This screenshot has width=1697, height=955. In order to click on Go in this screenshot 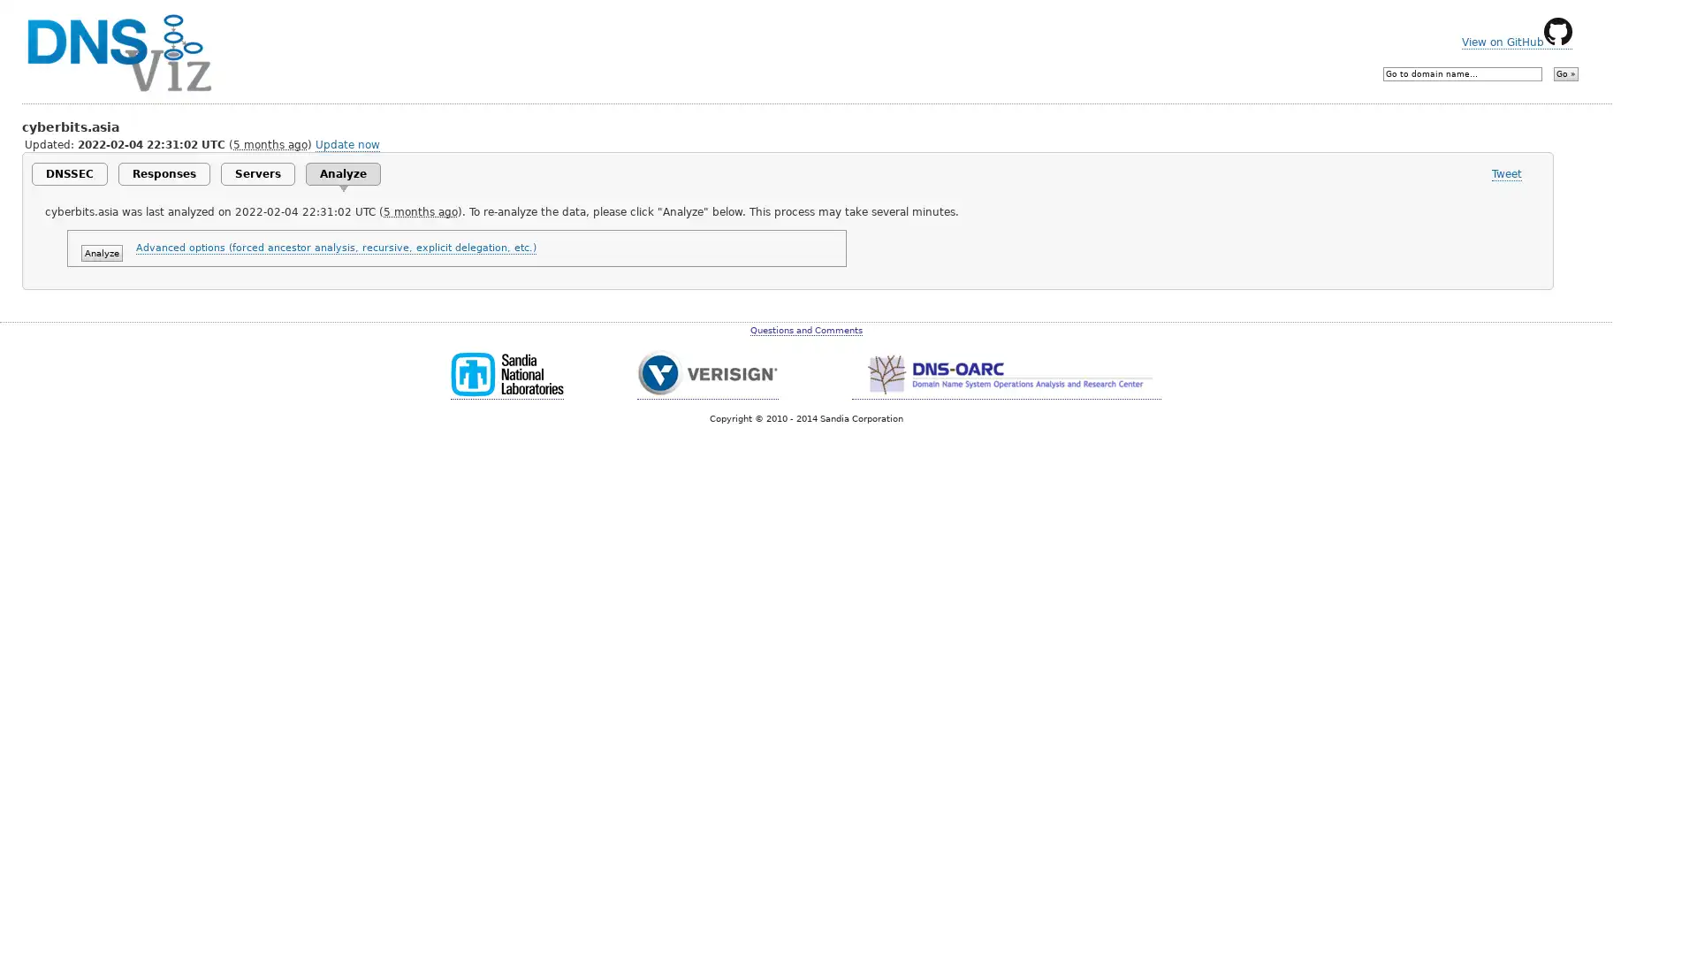, I will do `click(1565, 73)`.